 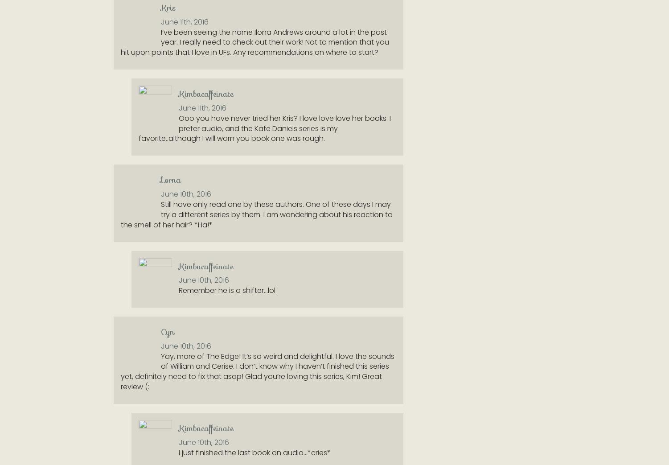 I want to click on 'I’ve been seeing the name Ilona Andrews around a lot in the past year. I really need to check out their work! Not to mention that you hit upon points that I love in UFs. Any recommendations on where to start?', so click(x=255, y=42).